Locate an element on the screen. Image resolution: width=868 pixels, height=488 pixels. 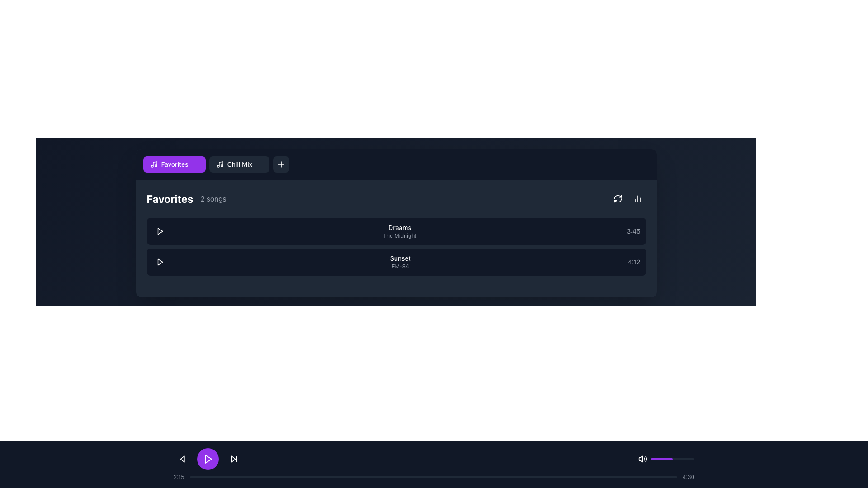
the progress bar is located at coordinates (458, 477).